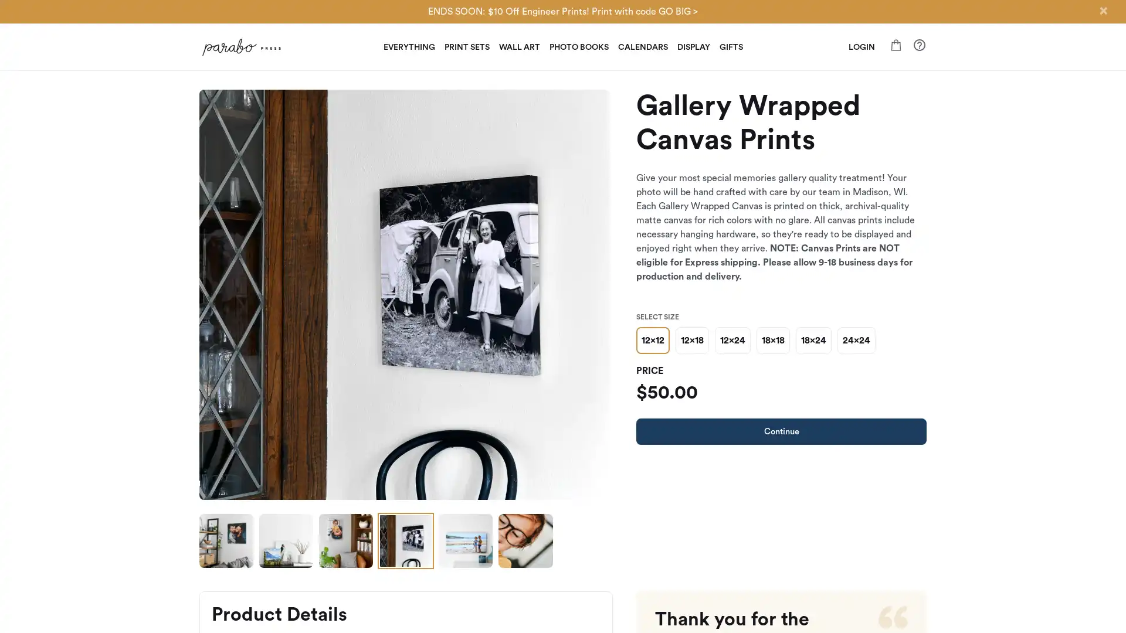 The image size is (1126, 633). I want to click on slide dot, so click(345, 540).